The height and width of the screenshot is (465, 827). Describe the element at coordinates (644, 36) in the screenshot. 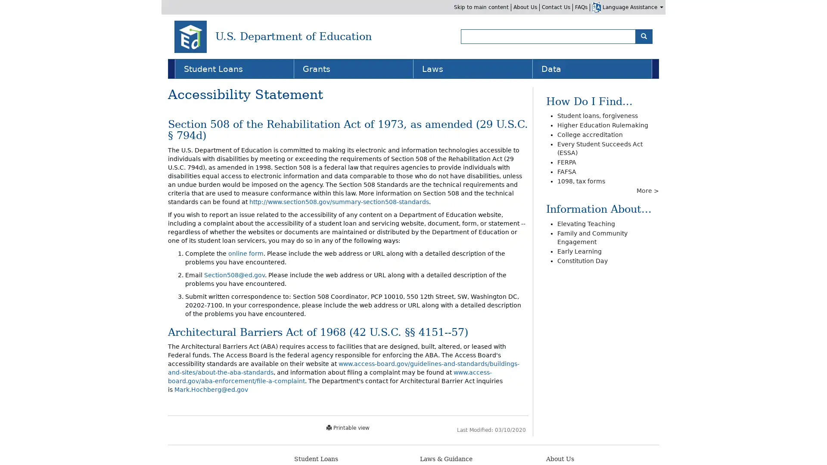

I see `Search` at that location.